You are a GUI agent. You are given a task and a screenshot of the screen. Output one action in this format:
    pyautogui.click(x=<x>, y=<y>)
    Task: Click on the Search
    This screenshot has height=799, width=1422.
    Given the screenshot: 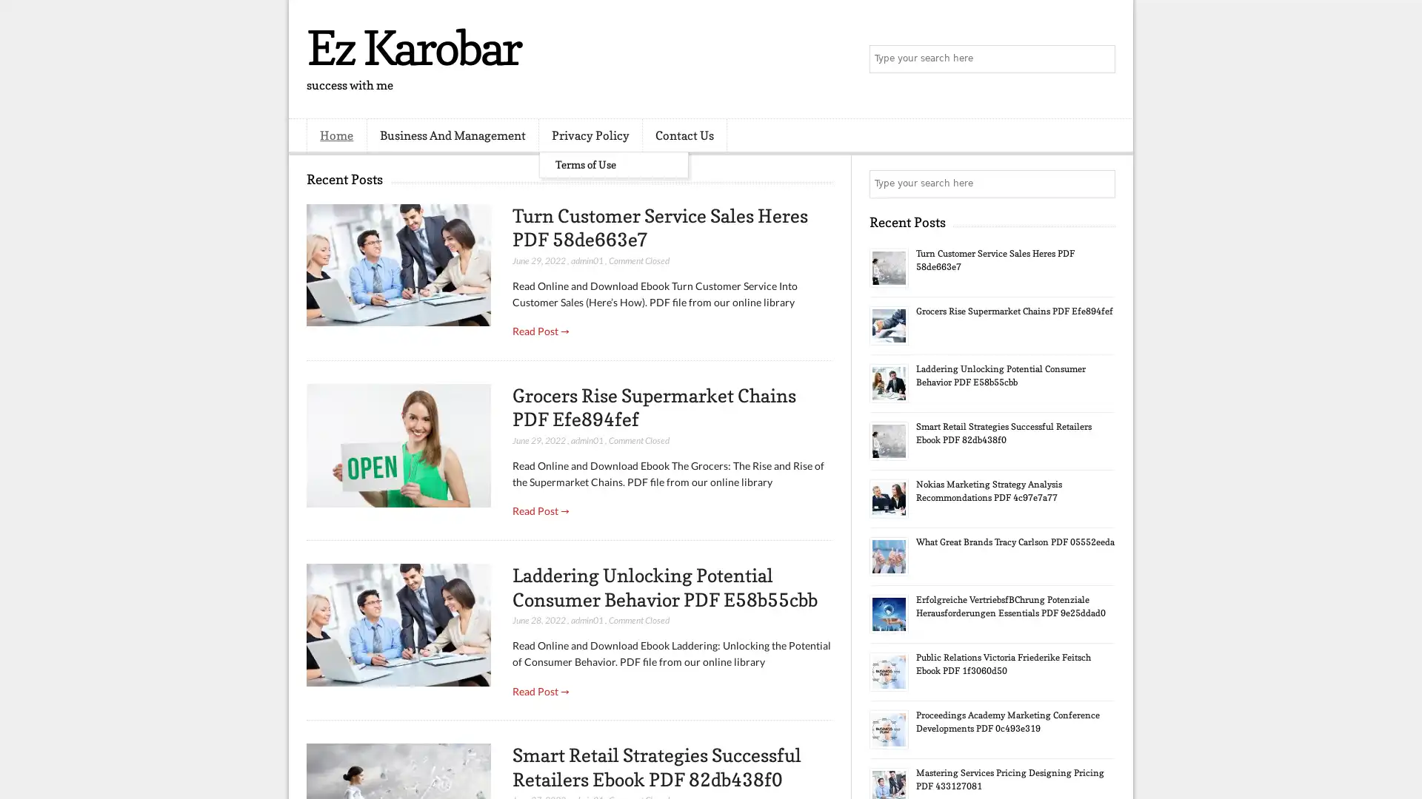 What is the action you would take?
    pyautogui.click(x=1100, y=183)
    